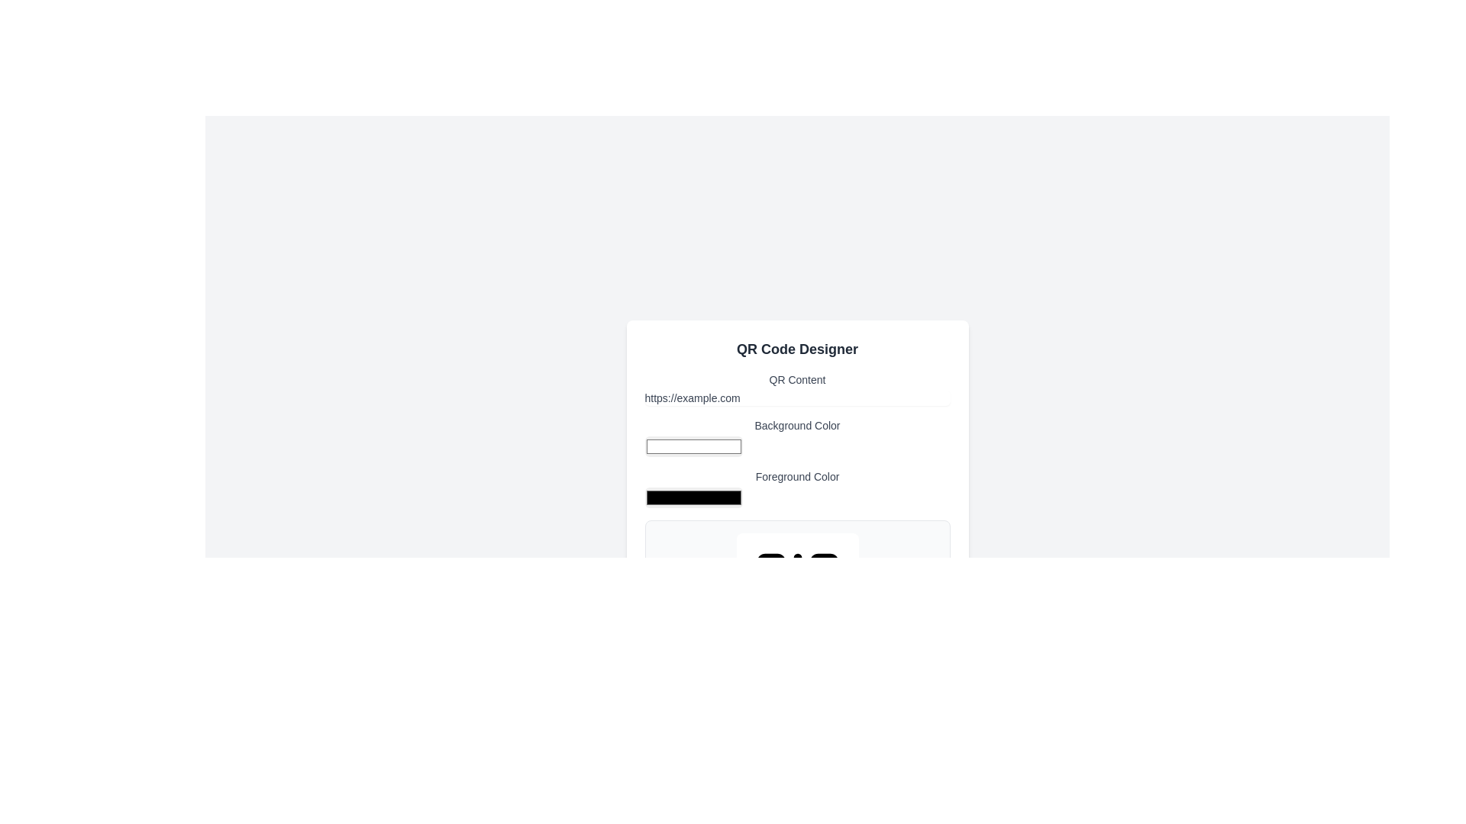 Image resolution: width=1466 pixels, height=824 pixels. Describe the element at coordinates (693, 497) in the screenshot. I see `the second color picker element located below the 'Foreground Color' label` at that location.